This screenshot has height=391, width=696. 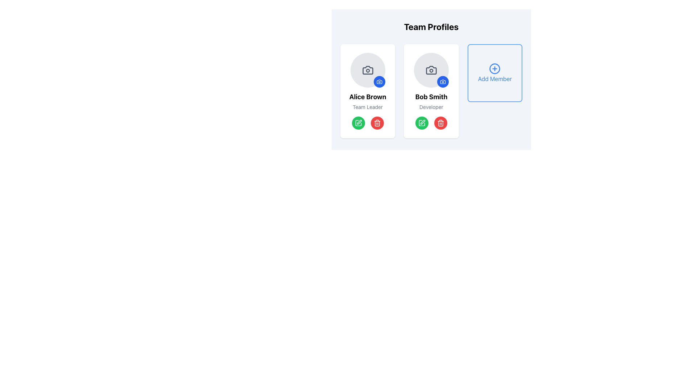 What do you see at coordinates (494, 73) in the screenshot?
I see `the call-to-action button for adding new members to a list or group` at bounding box center [494, 73].